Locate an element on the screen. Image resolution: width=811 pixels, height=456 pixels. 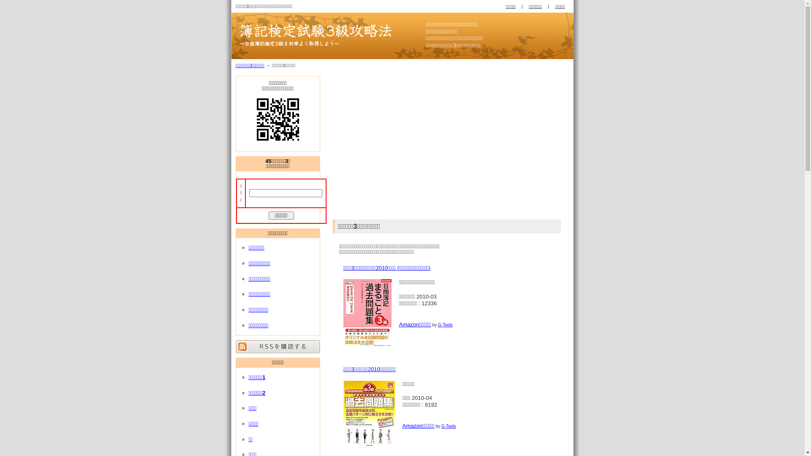
'G-Tools' is located at coordinates (445, 324).